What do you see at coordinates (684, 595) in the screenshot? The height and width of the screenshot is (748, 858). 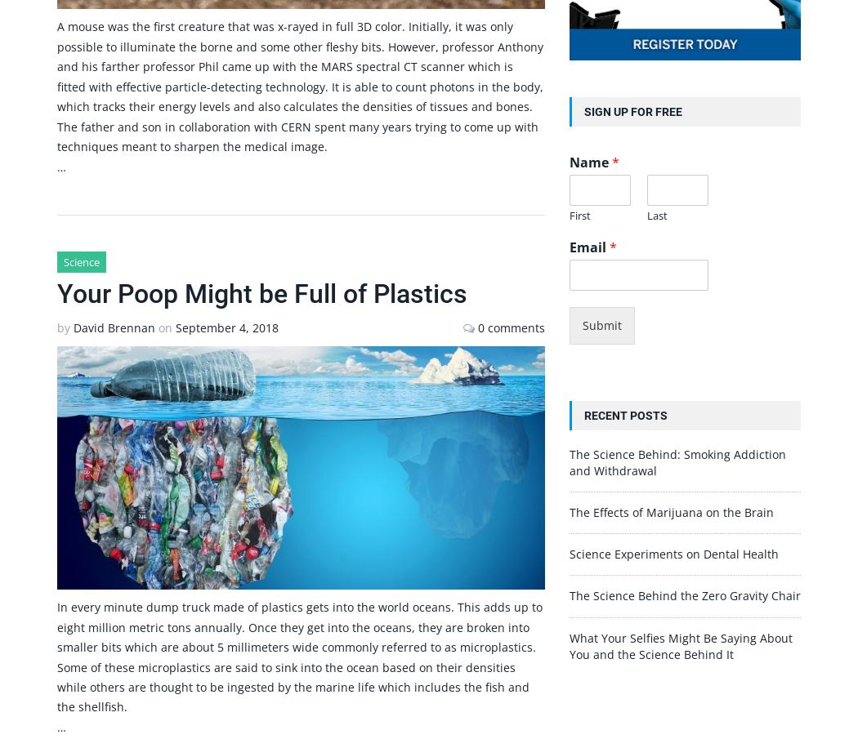 I see `'The Science Behind the Zero Gravity Chair'` at bounding box center [684, 595].